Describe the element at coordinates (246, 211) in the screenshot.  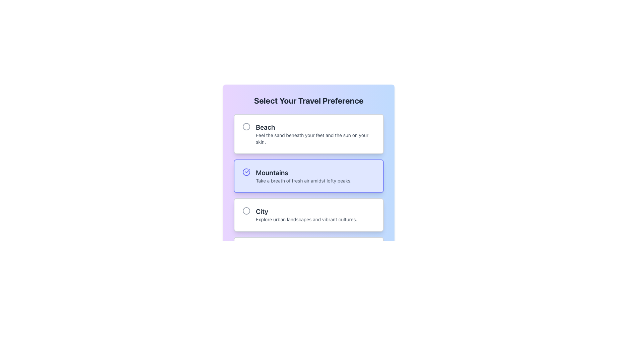
I see `the Circle SVG graphical element associated with the 'City' option, which is the third option in the vertical arrangement` at that location.